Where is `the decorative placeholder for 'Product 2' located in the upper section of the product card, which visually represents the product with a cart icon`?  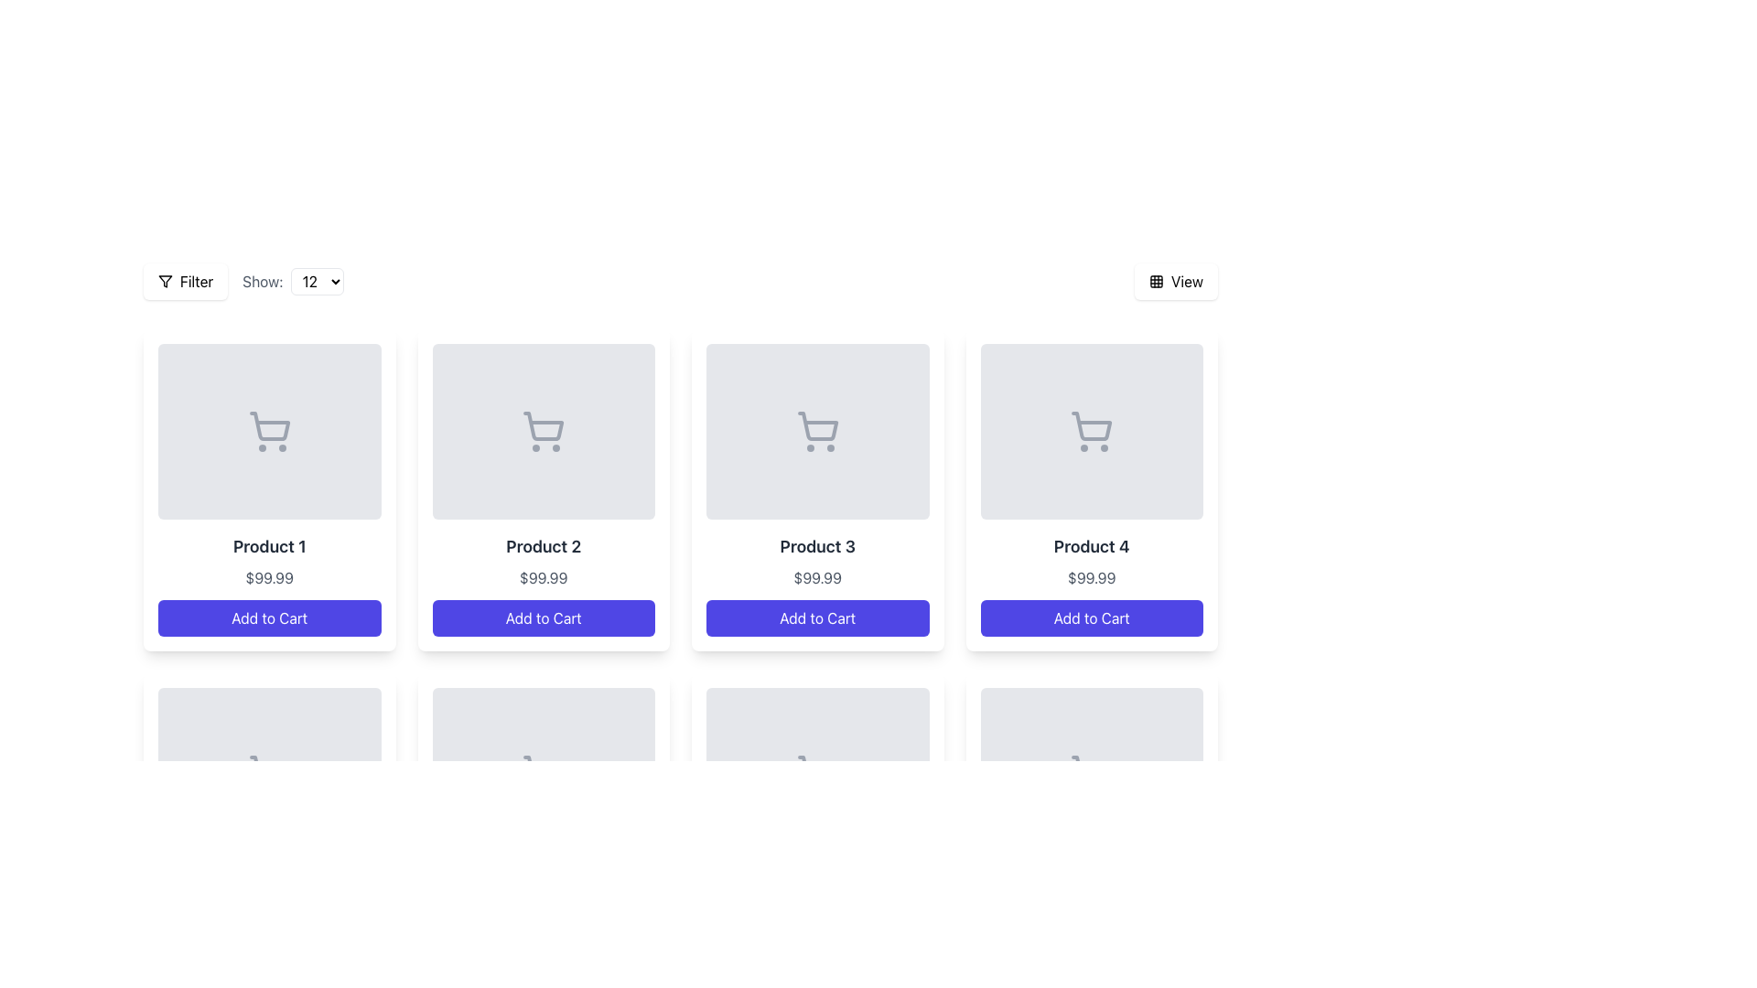
the decorative placeholder for 'Product 2' located in the upper section of the product card, which visually represents the product with a cart icon is located at coordinates (543, 431).